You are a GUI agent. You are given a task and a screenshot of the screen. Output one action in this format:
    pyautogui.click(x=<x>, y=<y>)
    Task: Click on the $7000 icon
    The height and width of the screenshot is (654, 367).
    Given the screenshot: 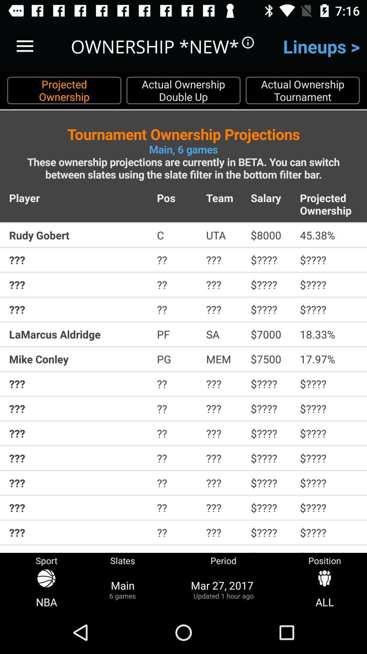 What is the action you would take?
    pyautogui.click(x=270, y=334)
    